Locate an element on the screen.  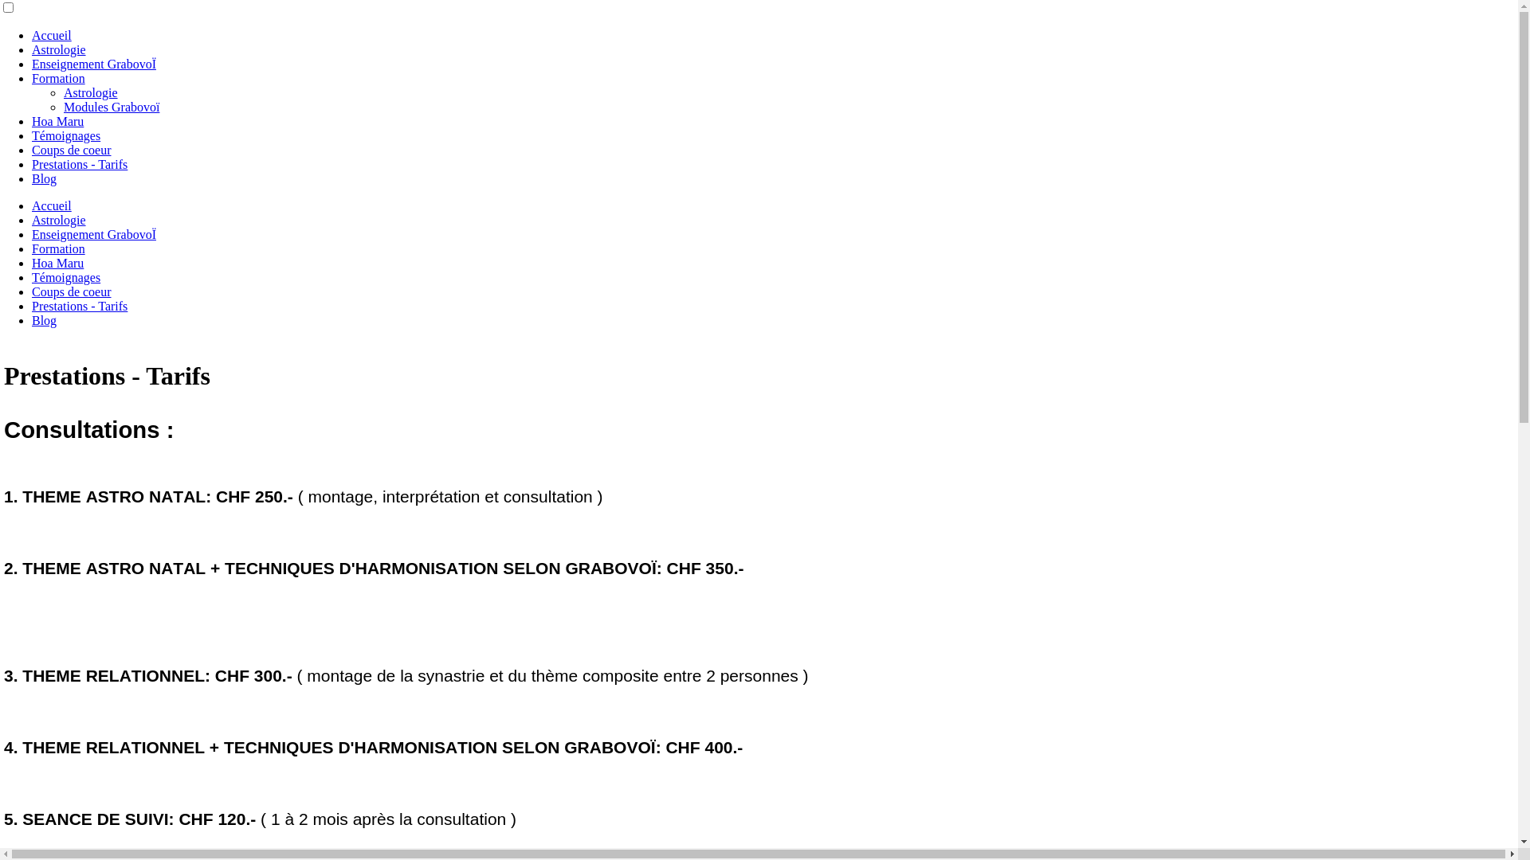
'Hoa Maru' is located at coordinates (57, 262).